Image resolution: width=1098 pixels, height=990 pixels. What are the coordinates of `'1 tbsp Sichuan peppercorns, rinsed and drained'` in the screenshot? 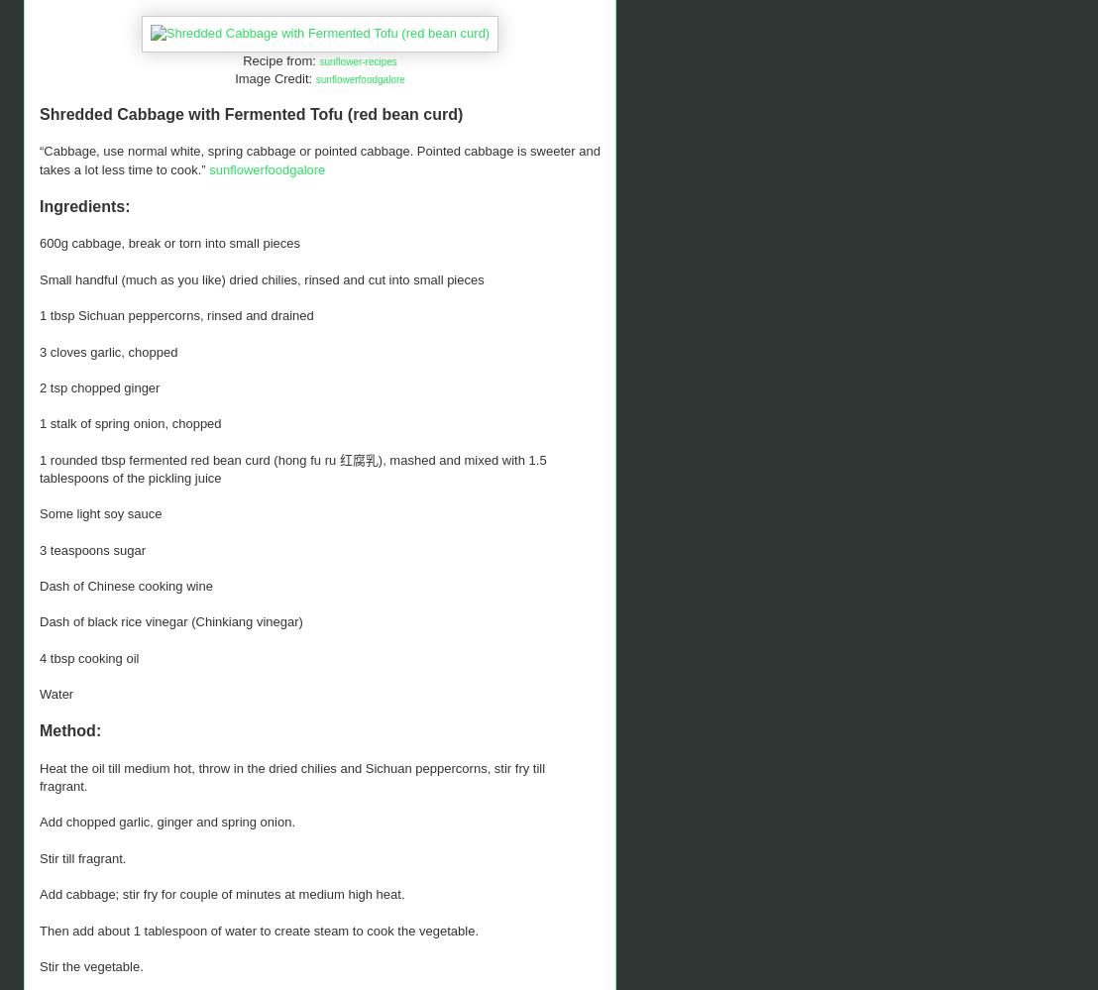 It's located at (174, 314).